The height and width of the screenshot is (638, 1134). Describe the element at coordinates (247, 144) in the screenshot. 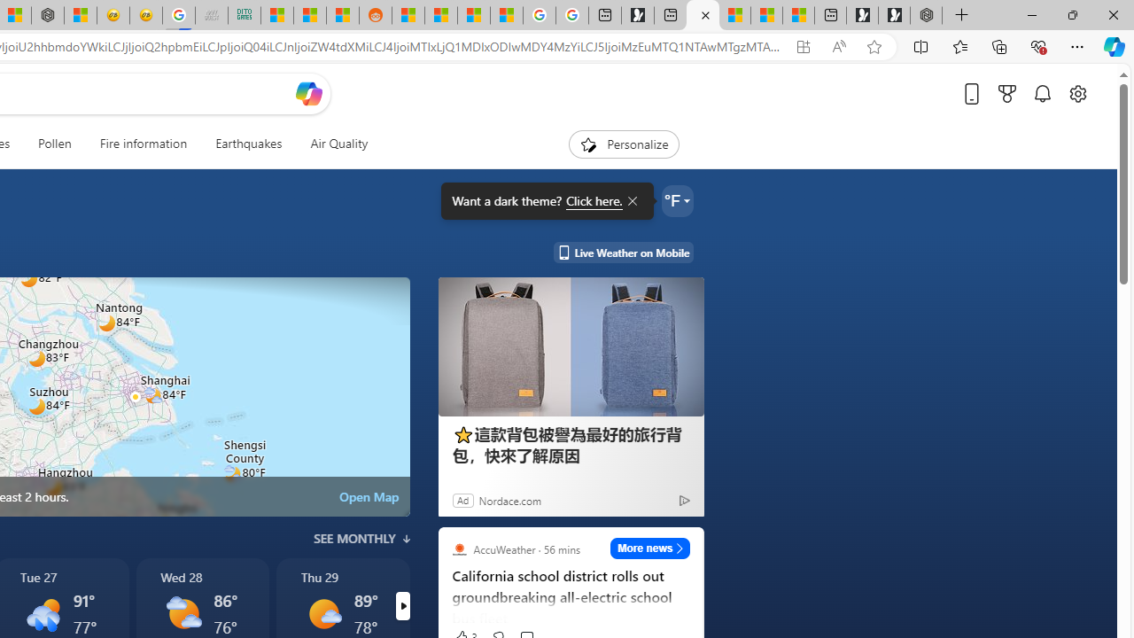

I see `'Earthquakes'` at that location.